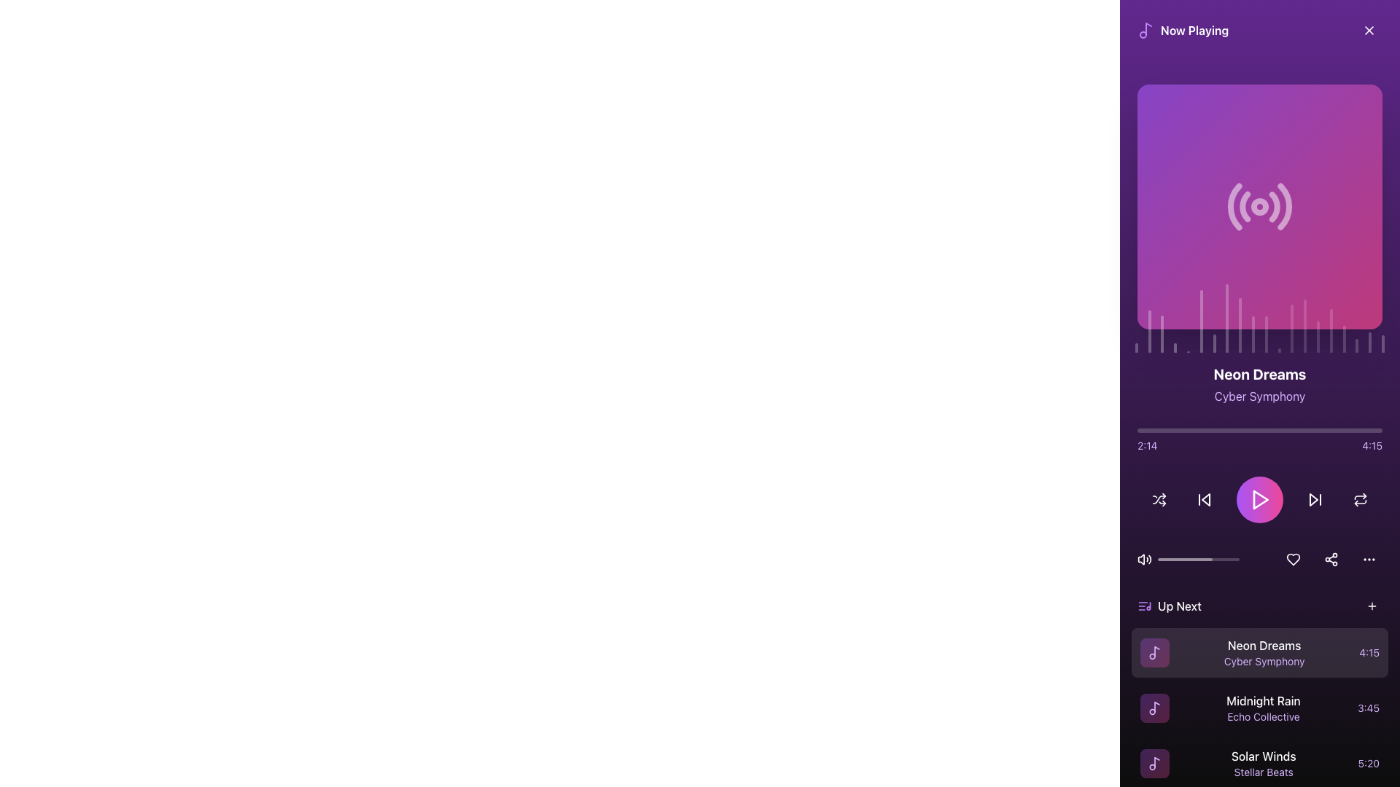 Image resolution: width=1400 pixels, height=787 pixels. I want to click on the twelfth vertical bar of the decorative visualizer, located near the play/pause button at the bottom of the media player, so click(1265, 334).